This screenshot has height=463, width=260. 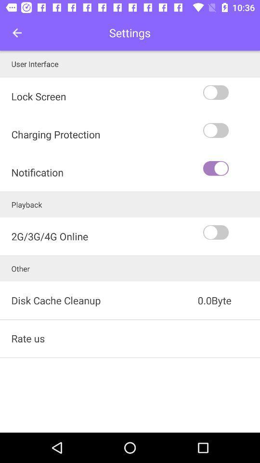 I want to click on the button beside 2g3g4g online, so click(x=230, y=232).